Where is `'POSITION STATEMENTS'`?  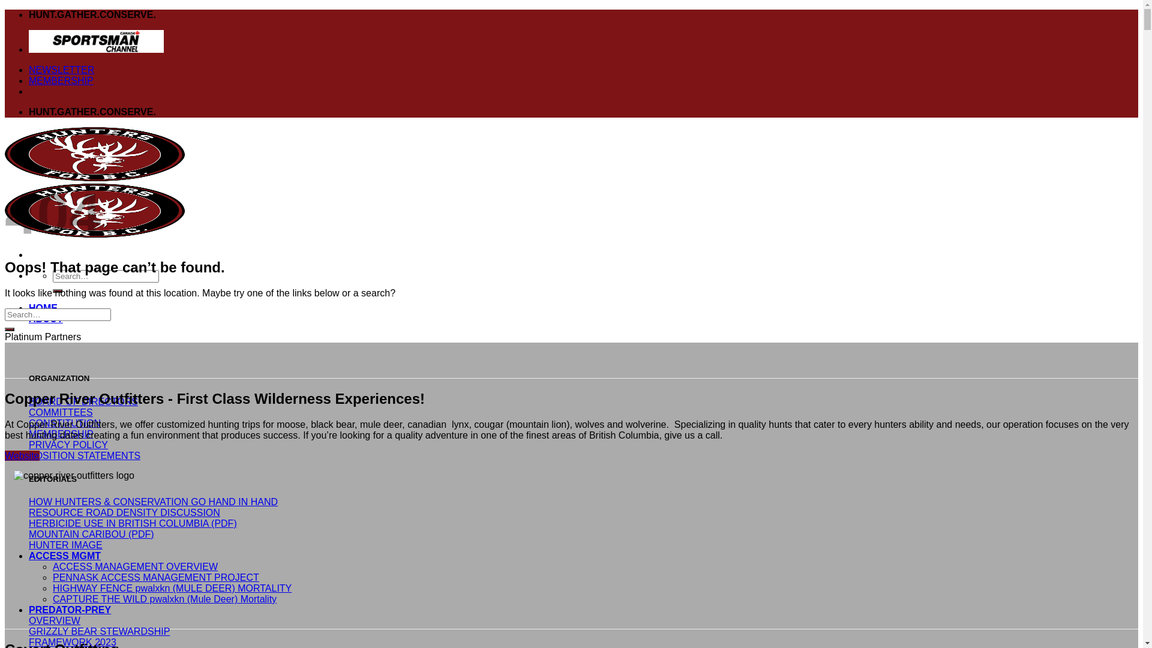
'POSITION STATEMENTS' is located at coordinates (83, 455).